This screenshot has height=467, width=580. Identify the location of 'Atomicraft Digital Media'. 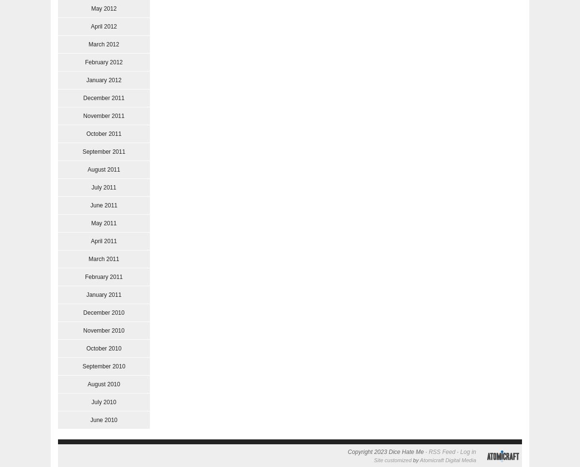
(448, 460).